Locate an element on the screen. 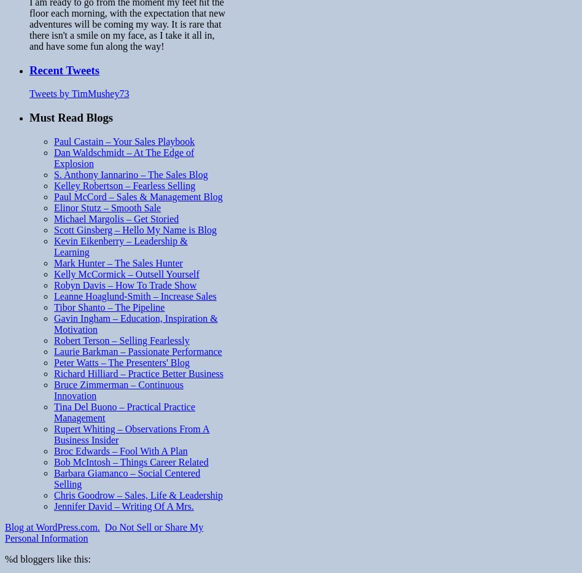  'Michael Margolis – Get Storied' is located at coordinates (115, 217).